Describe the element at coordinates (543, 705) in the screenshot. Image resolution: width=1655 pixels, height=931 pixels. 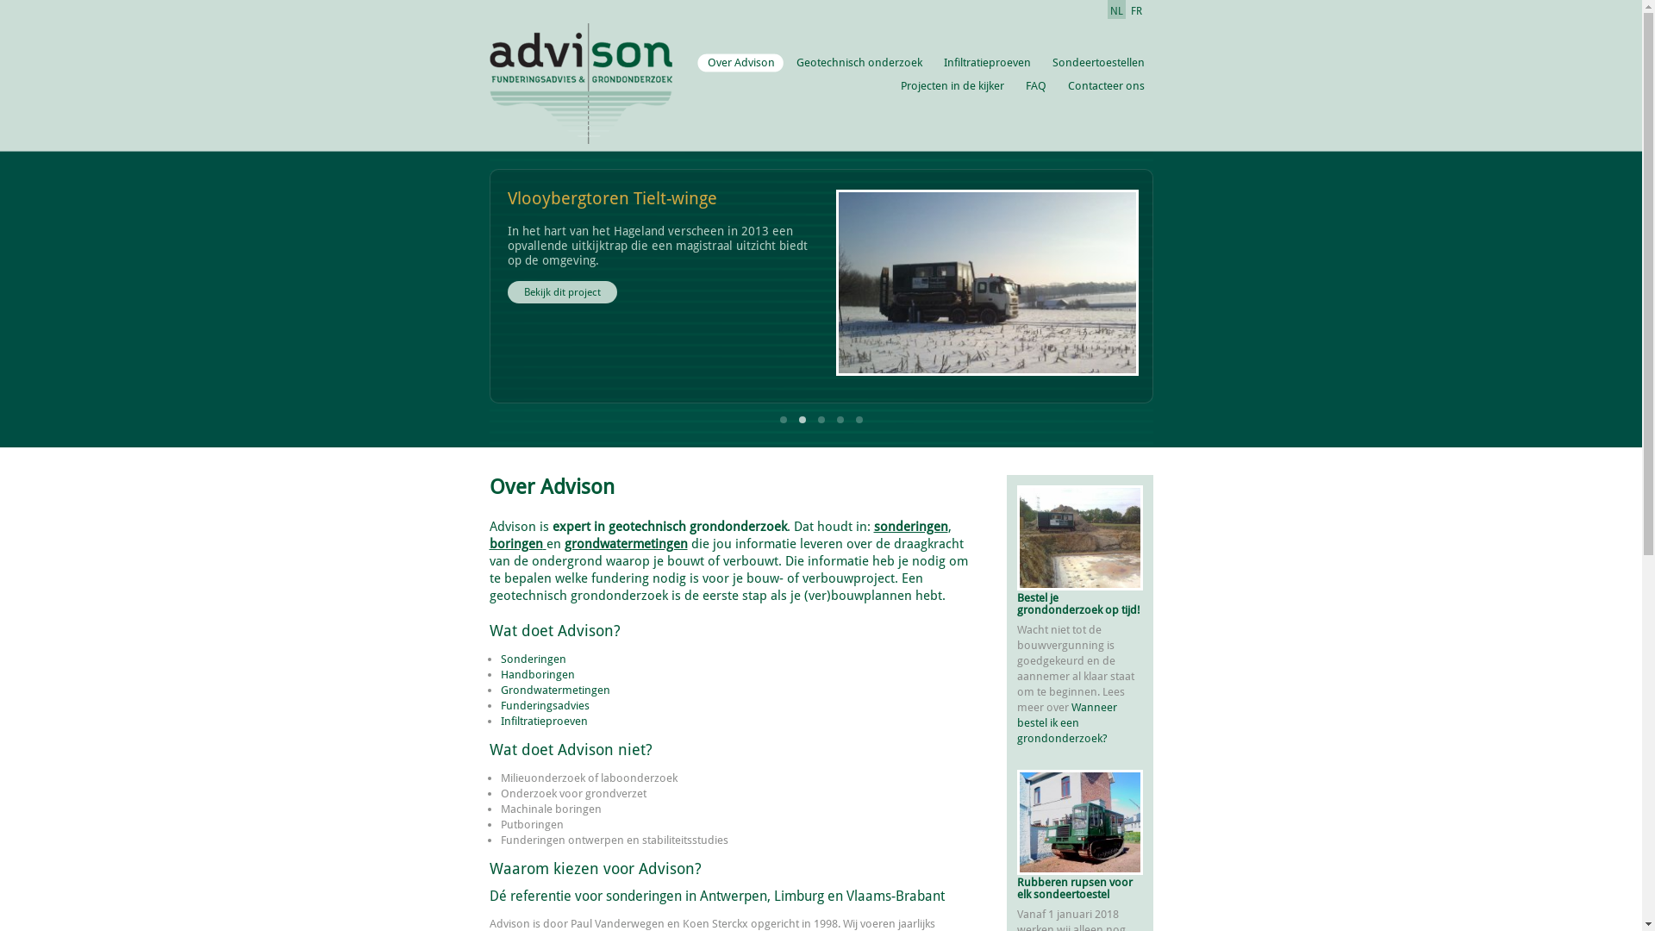
I see `'Funderingsadvies'` at that location.